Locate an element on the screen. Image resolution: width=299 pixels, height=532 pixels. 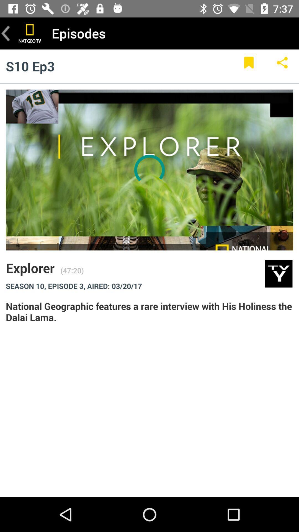
share this is located at coordinates (282, 66).